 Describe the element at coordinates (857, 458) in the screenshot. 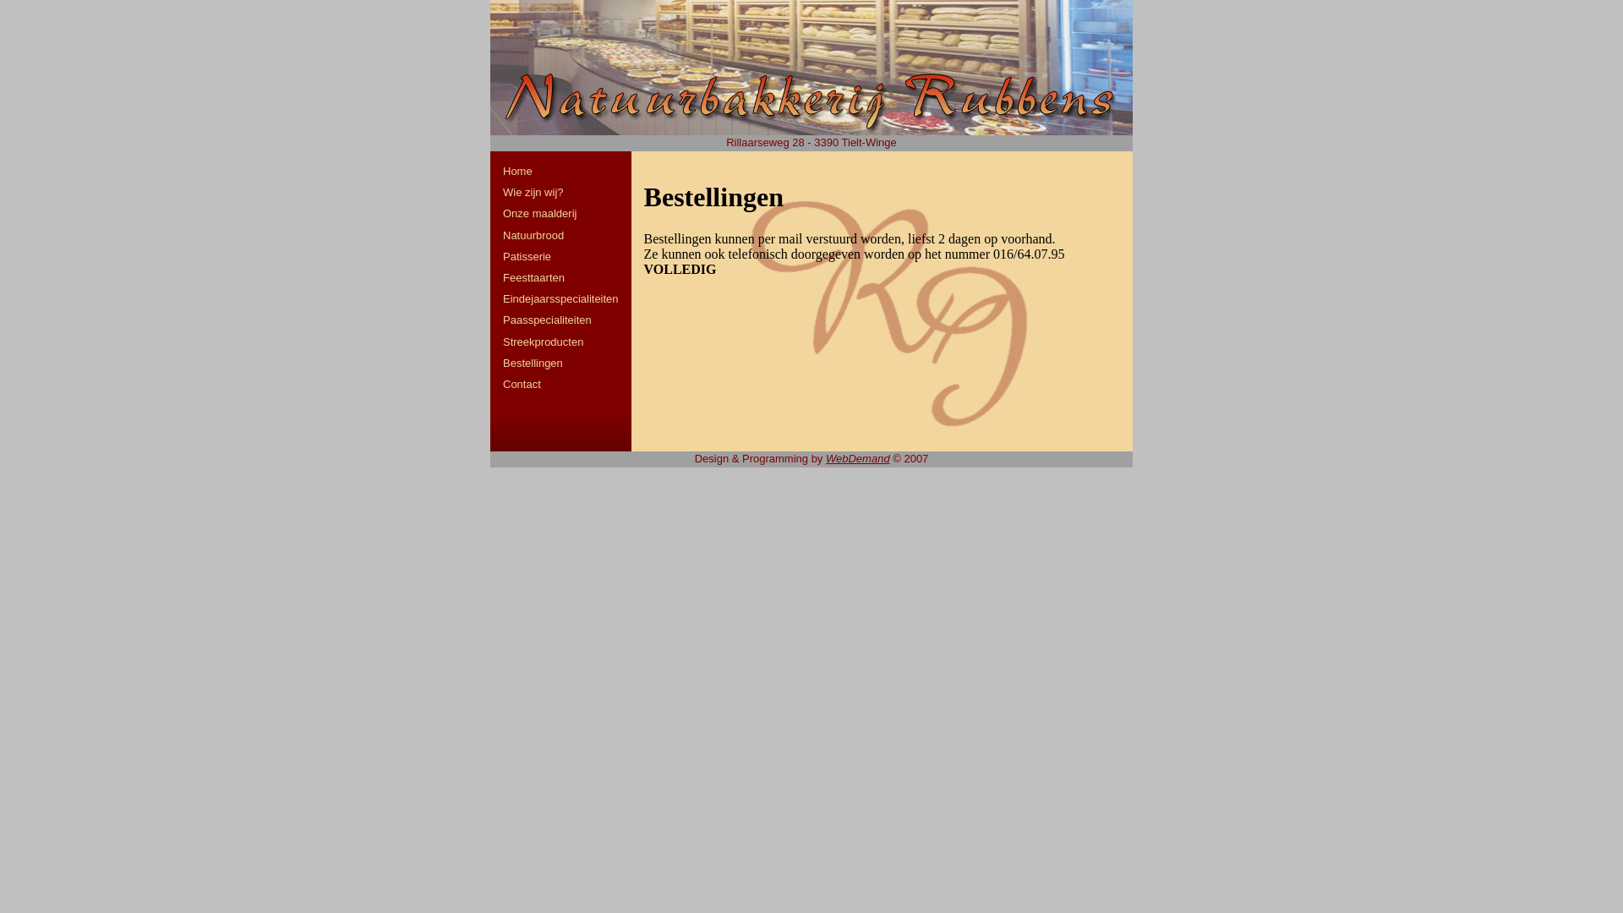

I see `'WebDemand'` at that location.